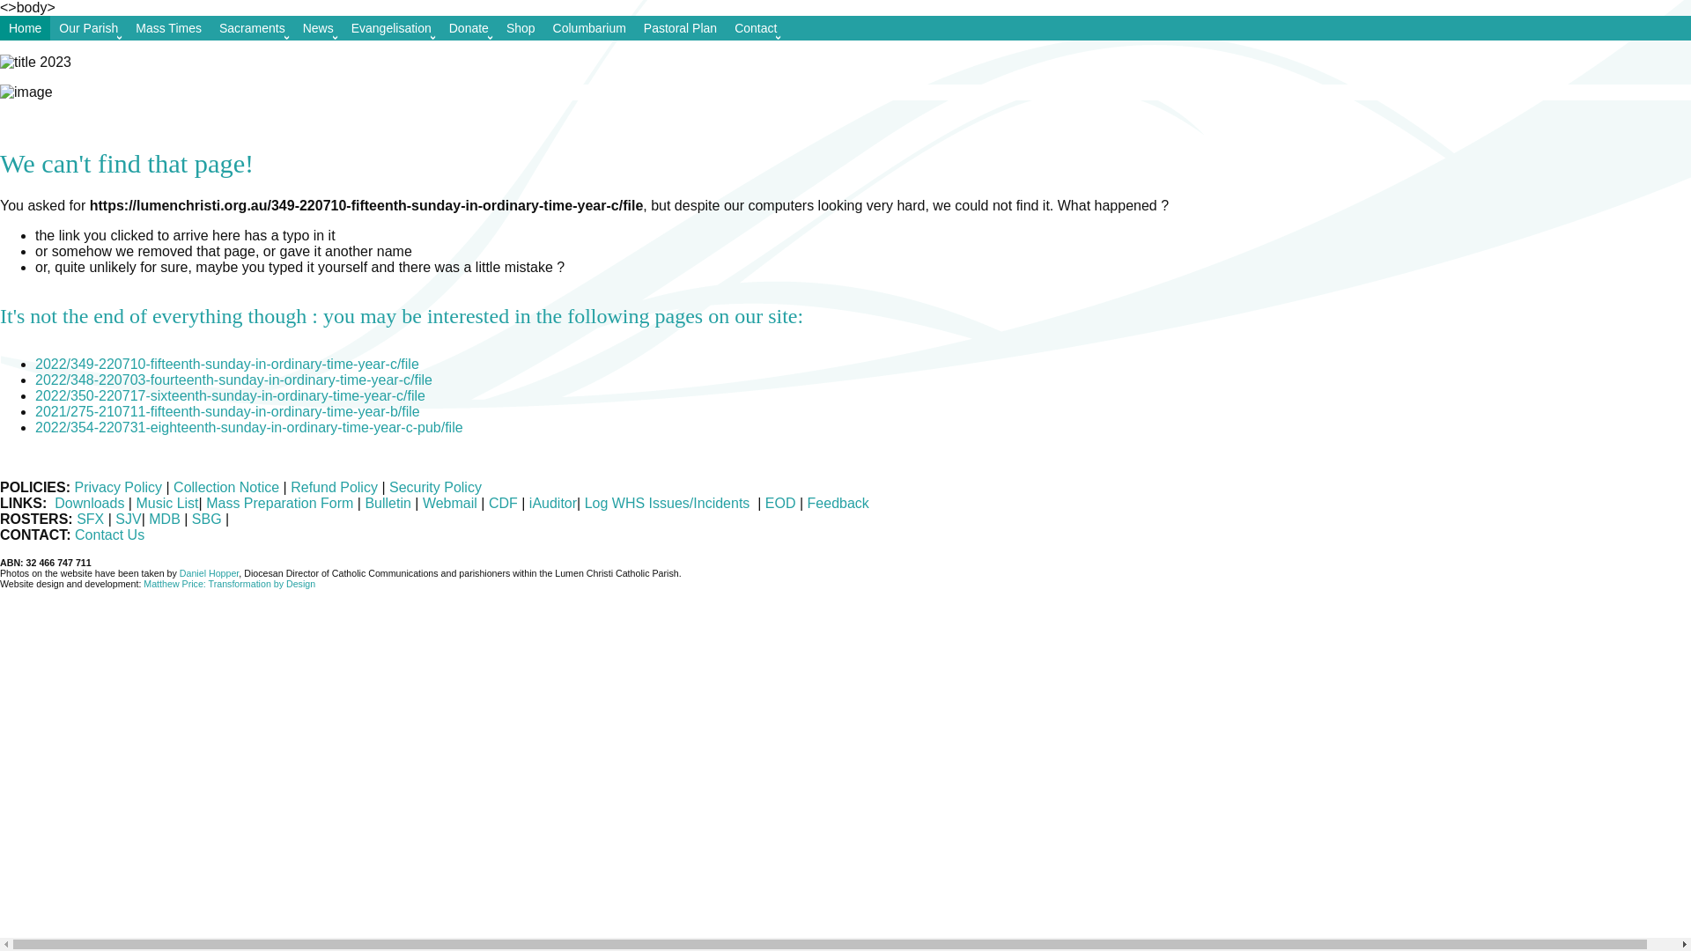  What do you see at coordinates (449, 503) in the screenshot?
I see `'Webmail'` at bounding box center [449, 503].